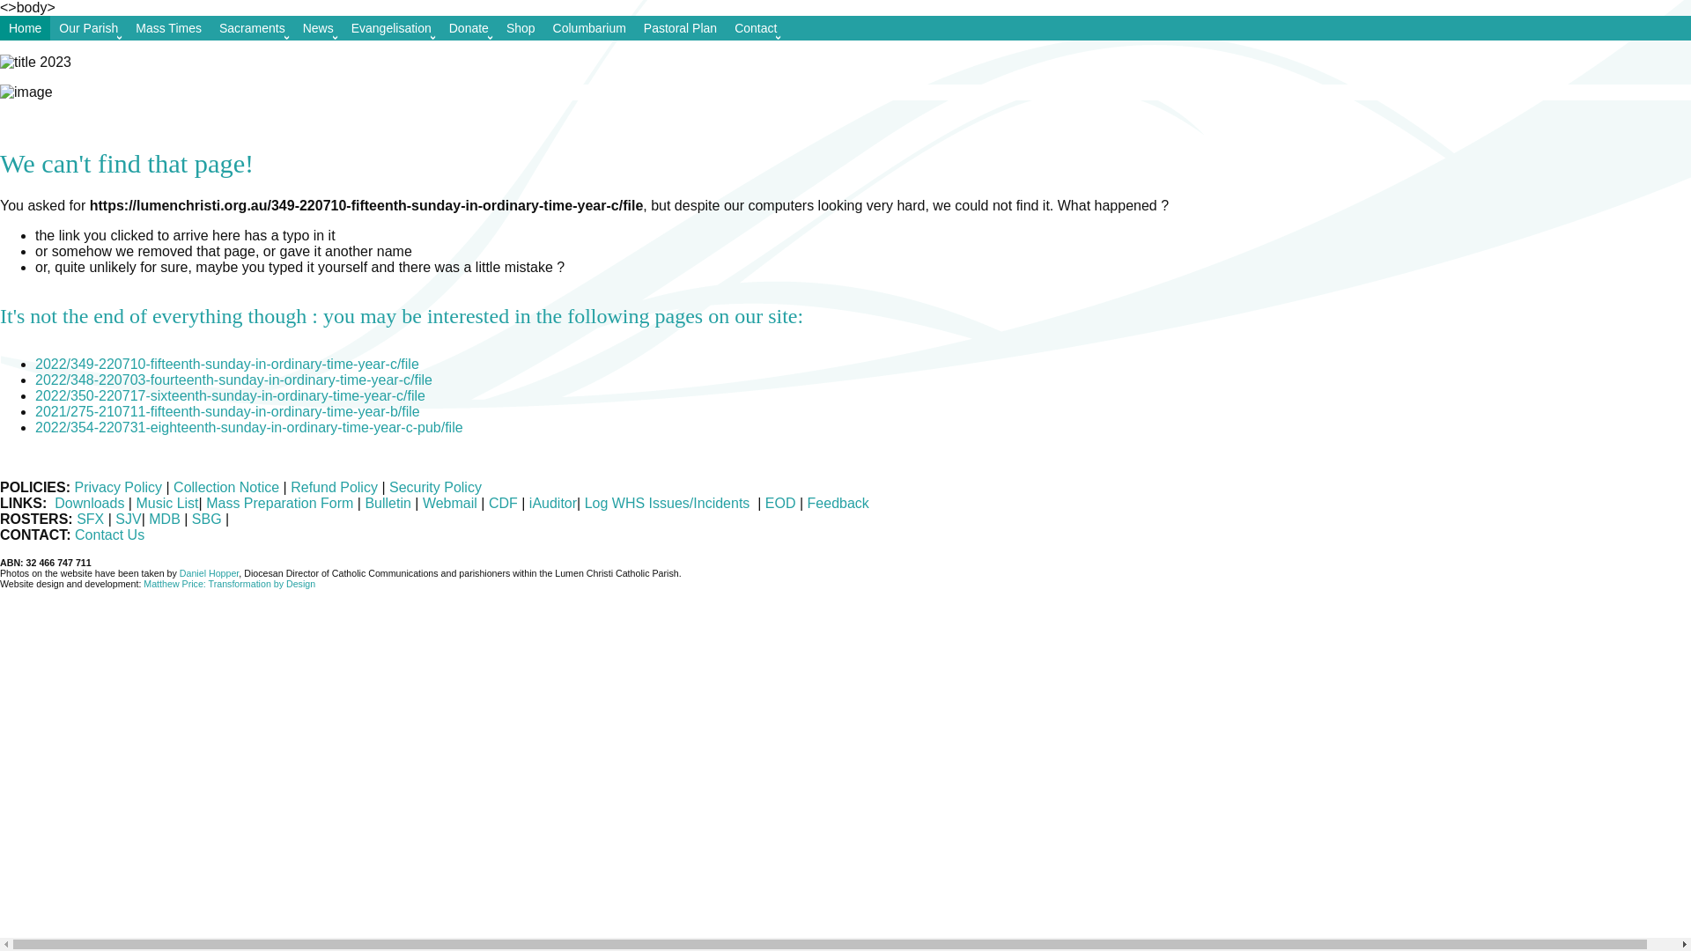  What do you see at coordinates (449, 503) in the screenshot?
I see `'Webmail'` at bounding box center [449, 503].